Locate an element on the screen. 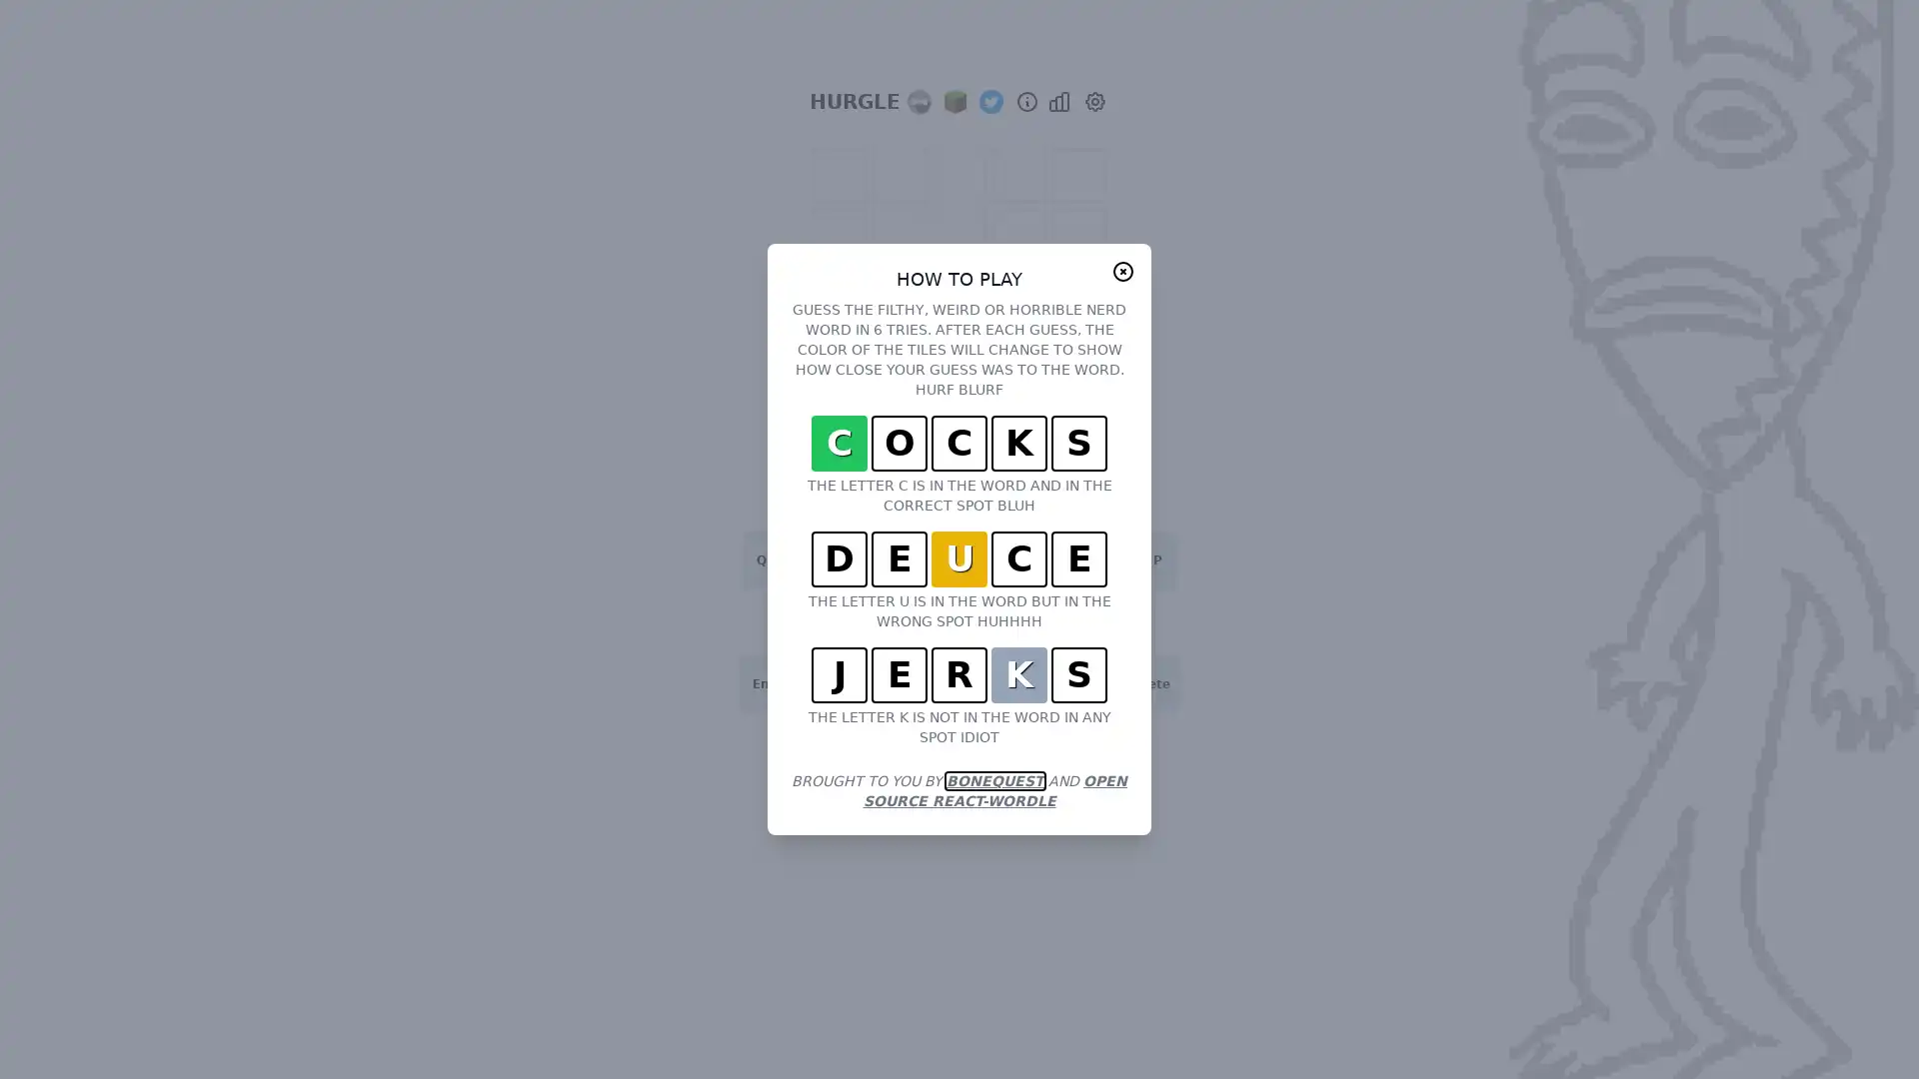  Delete is located at coordinates (1147, 683).